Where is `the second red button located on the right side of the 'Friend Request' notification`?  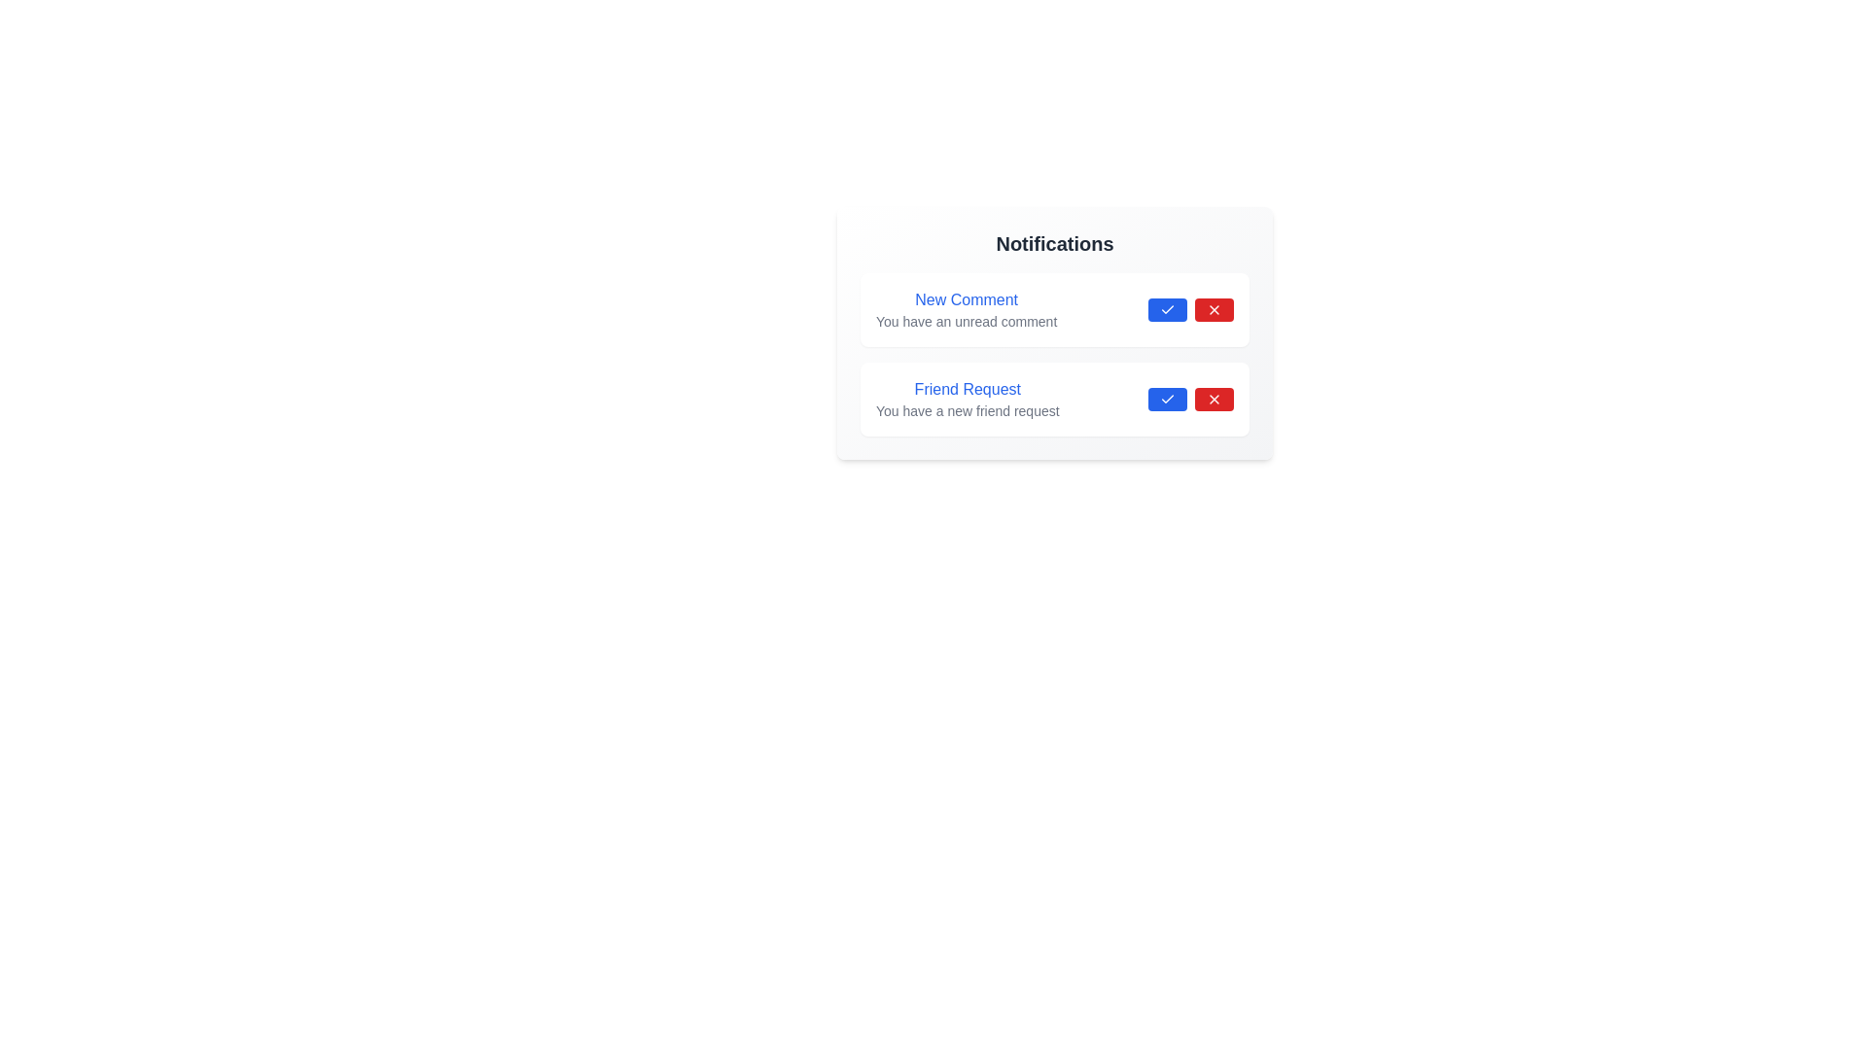
the second red button located on the right side of the 'Friend Request' notification is located at coordinates (1213, 399).